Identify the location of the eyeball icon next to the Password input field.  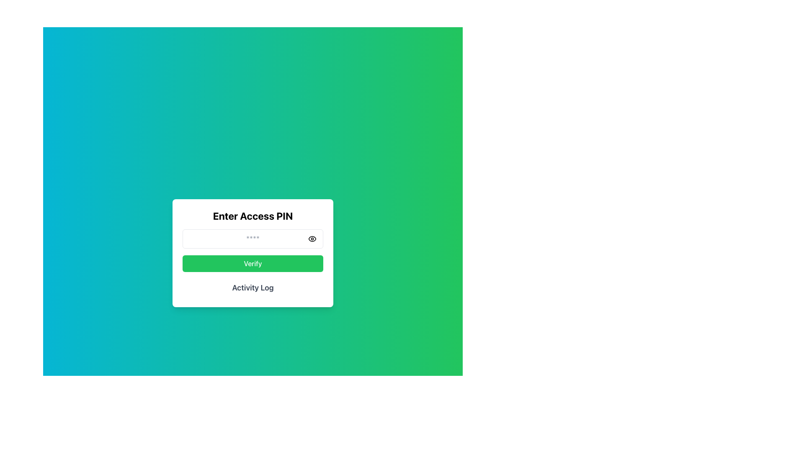
(253, 239).